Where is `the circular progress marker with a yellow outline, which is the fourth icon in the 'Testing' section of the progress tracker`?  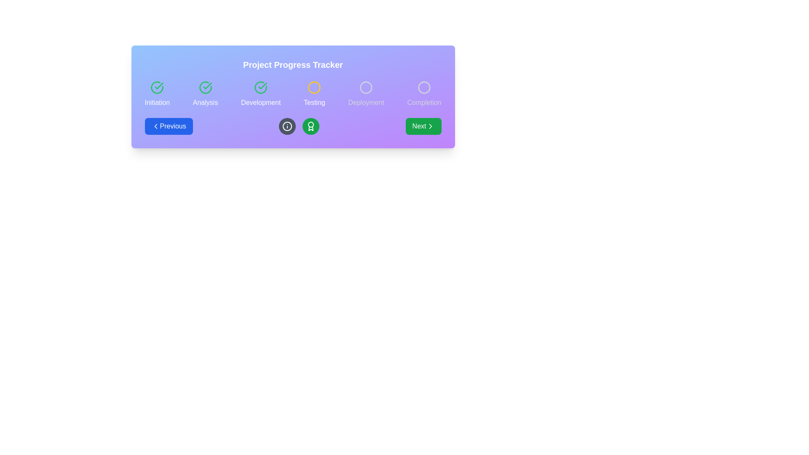
the circular progress marker with a yellow outline, which is the fourth icon in the 'Testing' section of the progress tracker is located at coordinates (314, 88).